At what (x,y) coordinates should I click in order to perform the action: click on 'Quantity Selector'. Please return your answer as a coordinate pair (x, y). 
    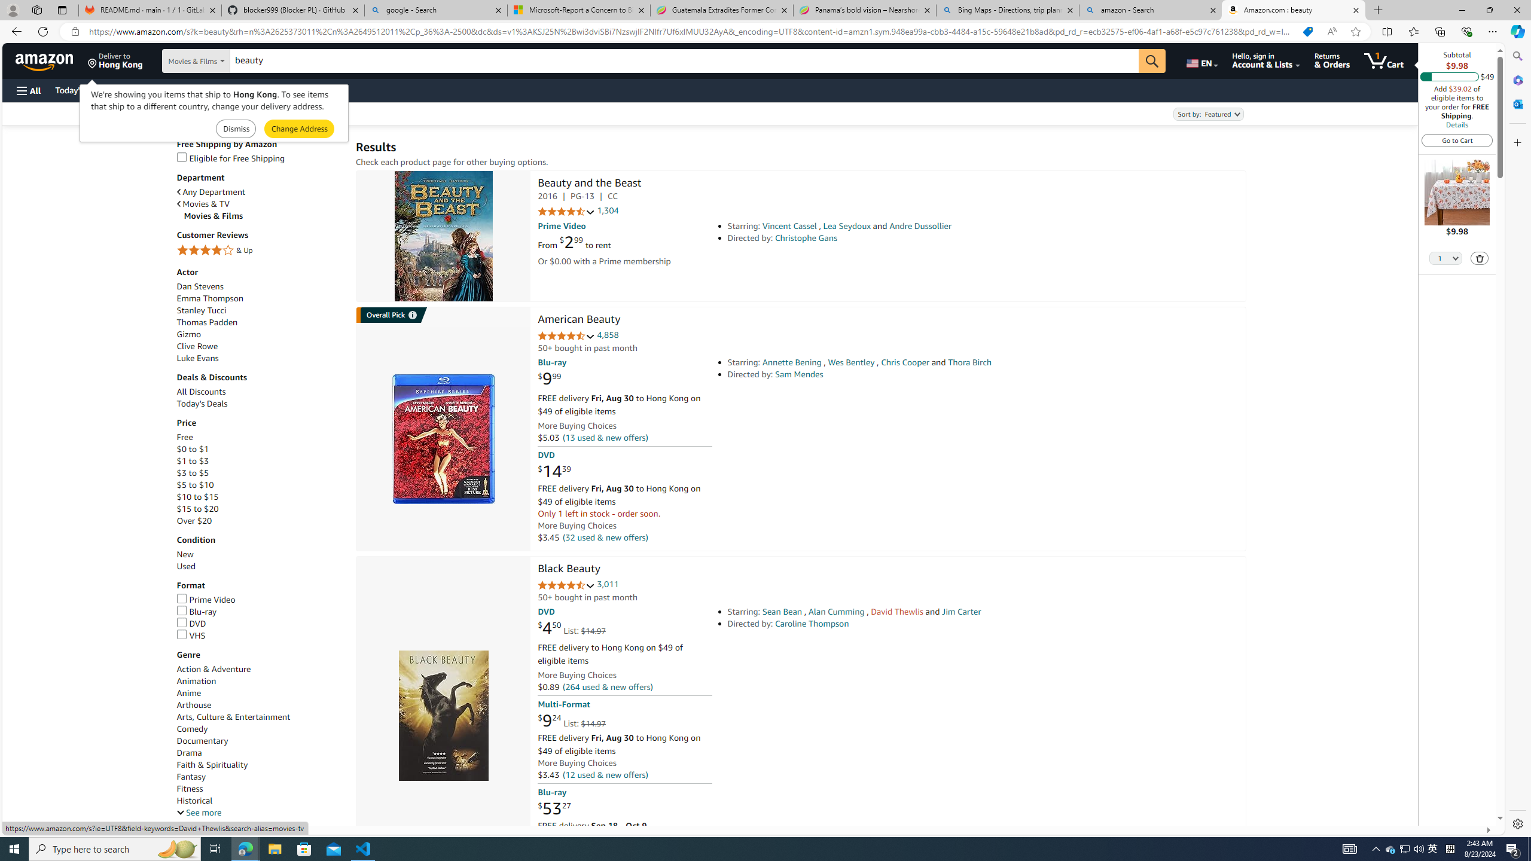
    Looking at the image, I should click on (1445, 257).